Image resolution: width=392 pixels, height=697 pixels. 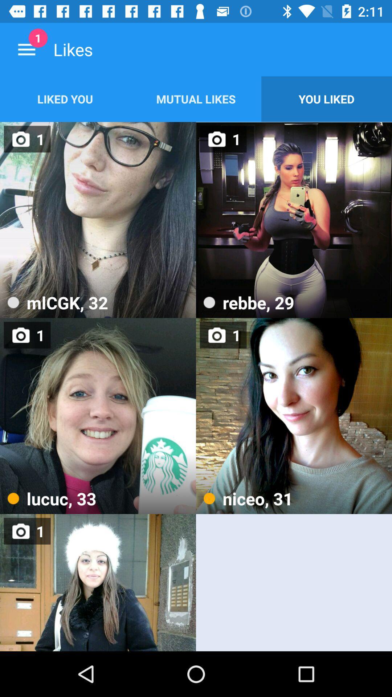 I want to click on the icon next to likes item, so click(x=26, y=49).